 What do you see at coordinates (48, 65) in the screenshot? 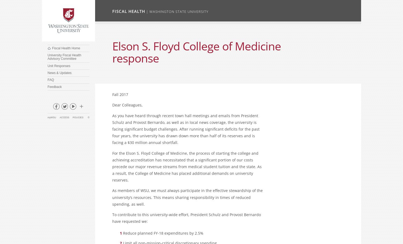
I see `'Unit Responses'` at bounding box center [48, 65].